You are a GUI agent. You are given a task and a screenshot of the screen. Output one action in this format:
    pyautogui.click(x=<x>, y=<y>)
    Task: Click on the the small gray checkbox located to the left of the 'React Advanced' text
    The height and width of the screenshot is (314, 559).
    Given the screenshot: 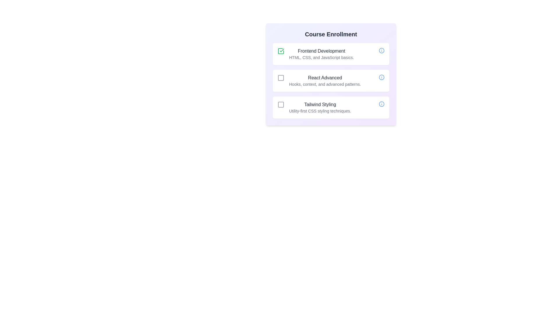 What is the action you would take?
    pyautogui.click(x=281, y=77)
    